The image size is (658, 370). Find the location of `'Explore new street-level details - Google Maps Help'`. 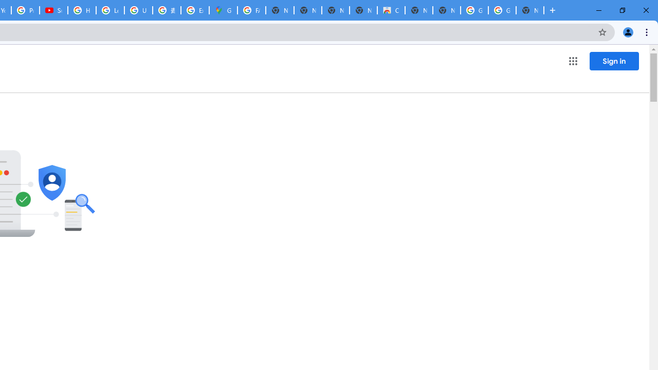

'Explore new street-level details - Google Maps Help' is located at coordinates (195, 10).